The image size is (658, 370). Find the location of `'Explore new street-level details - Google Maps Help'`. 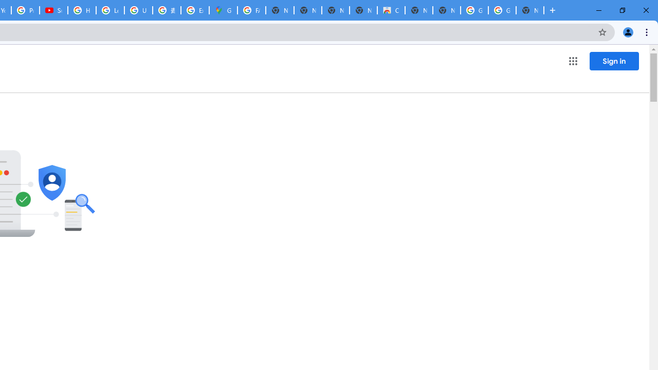

'Explore new street-level details - Google Maps Help' is located at coordinates (195, 10).